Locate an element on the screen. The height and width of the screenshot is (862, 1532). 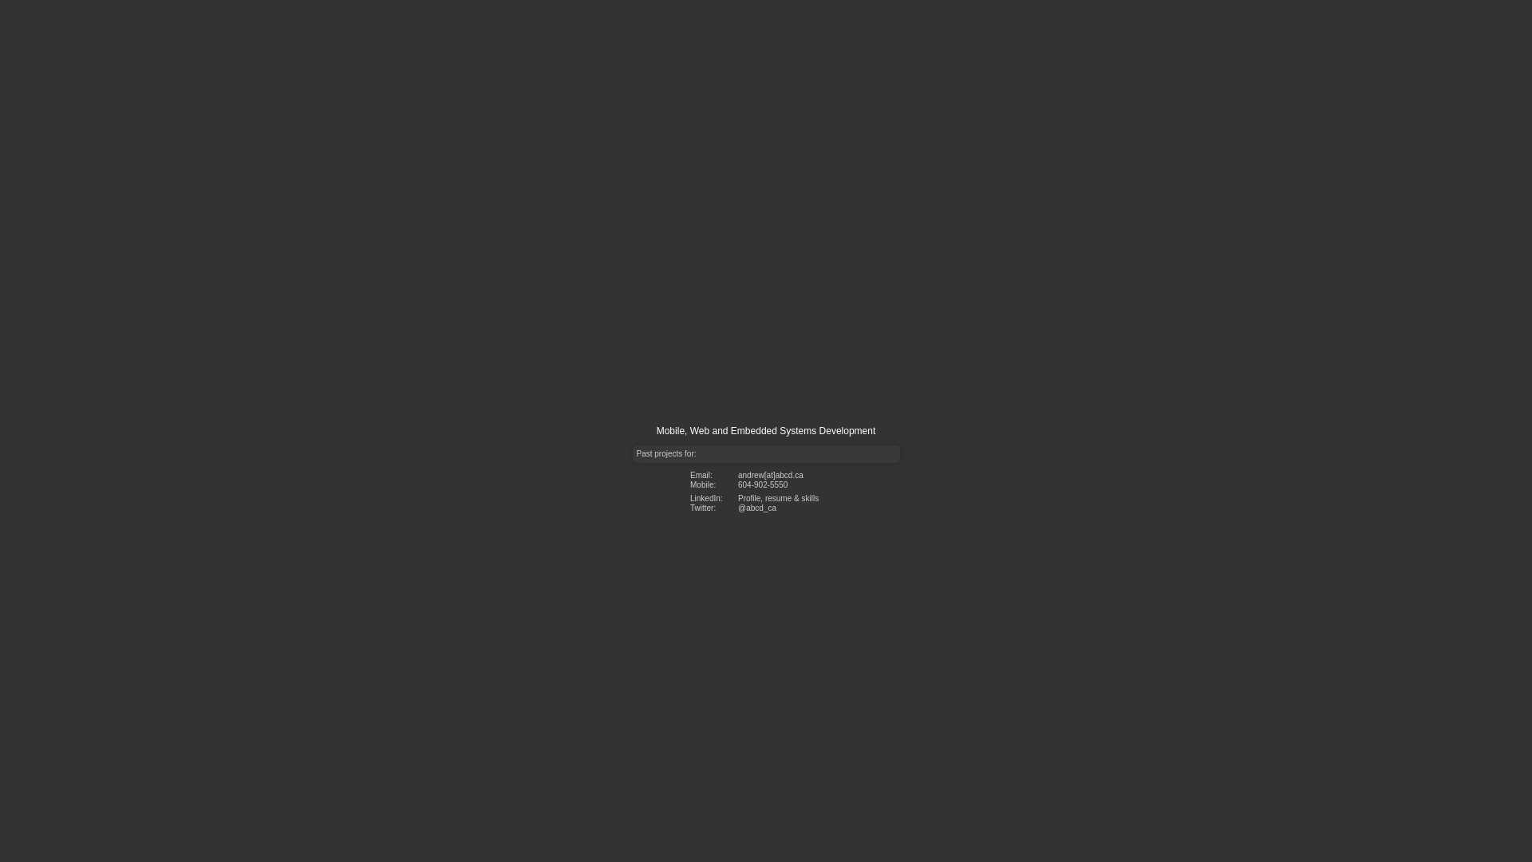
'Profile, resume & skills' is located at coordinates (778, 497).